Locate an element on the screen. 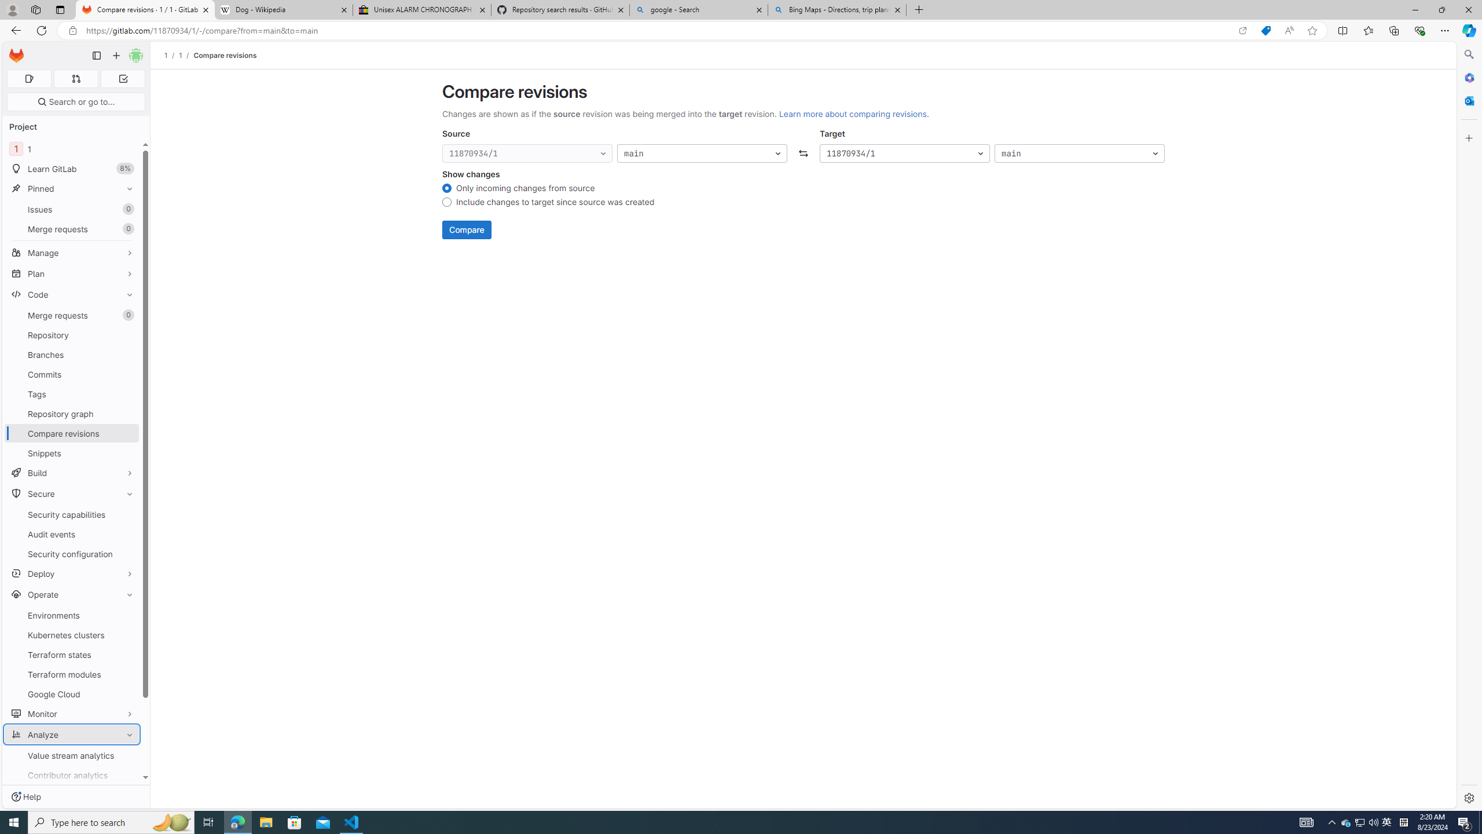 The width and height of the screenshot is (1482, 834). 'Pin Tags' is located at coordinates (127, 393).